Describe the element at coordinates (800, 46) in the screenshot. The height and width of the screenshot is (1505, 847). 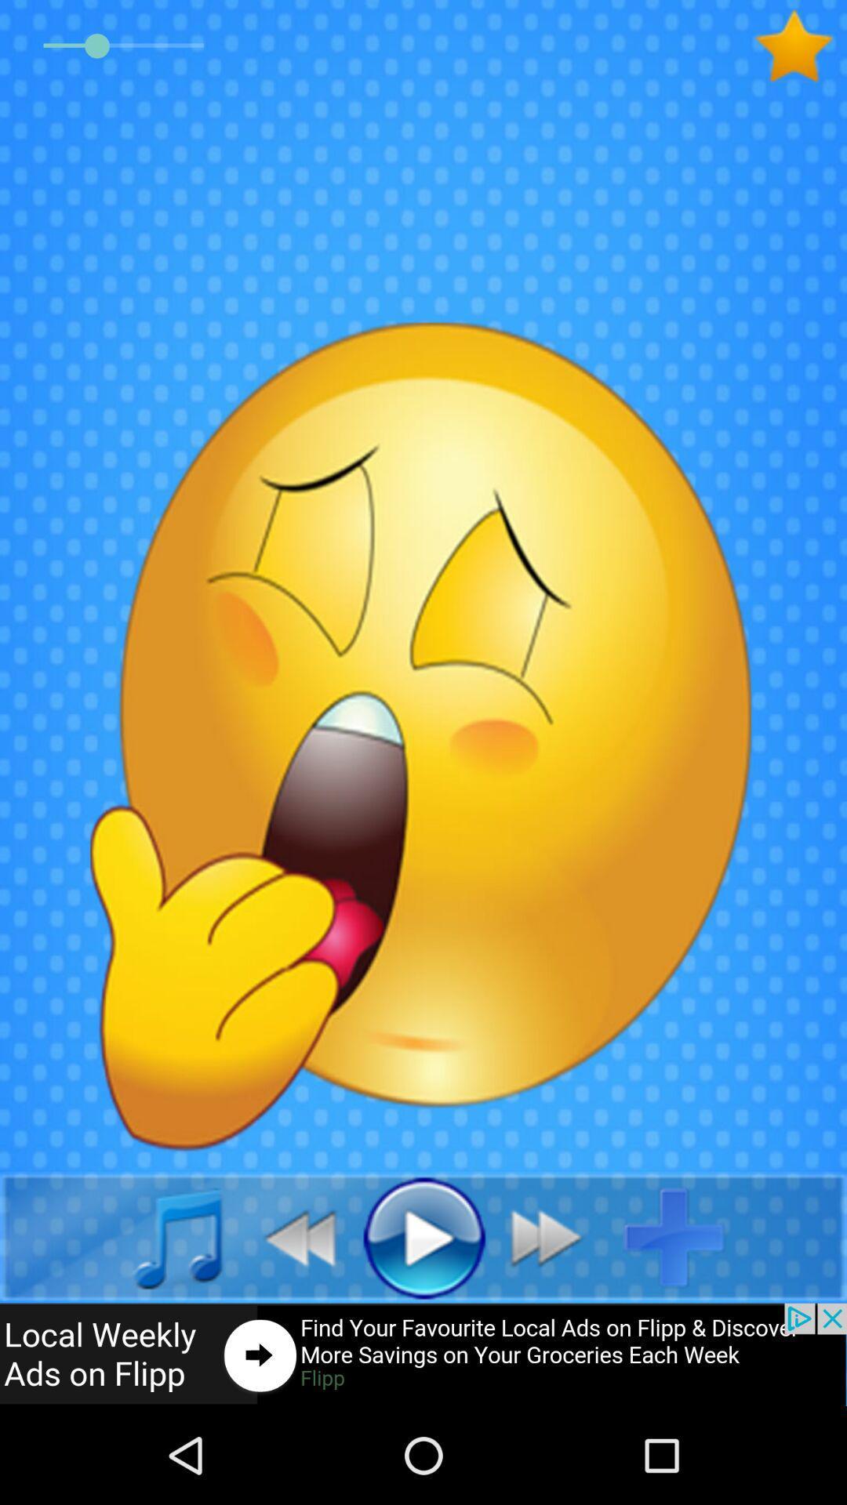
I see `to favorite` at that location.